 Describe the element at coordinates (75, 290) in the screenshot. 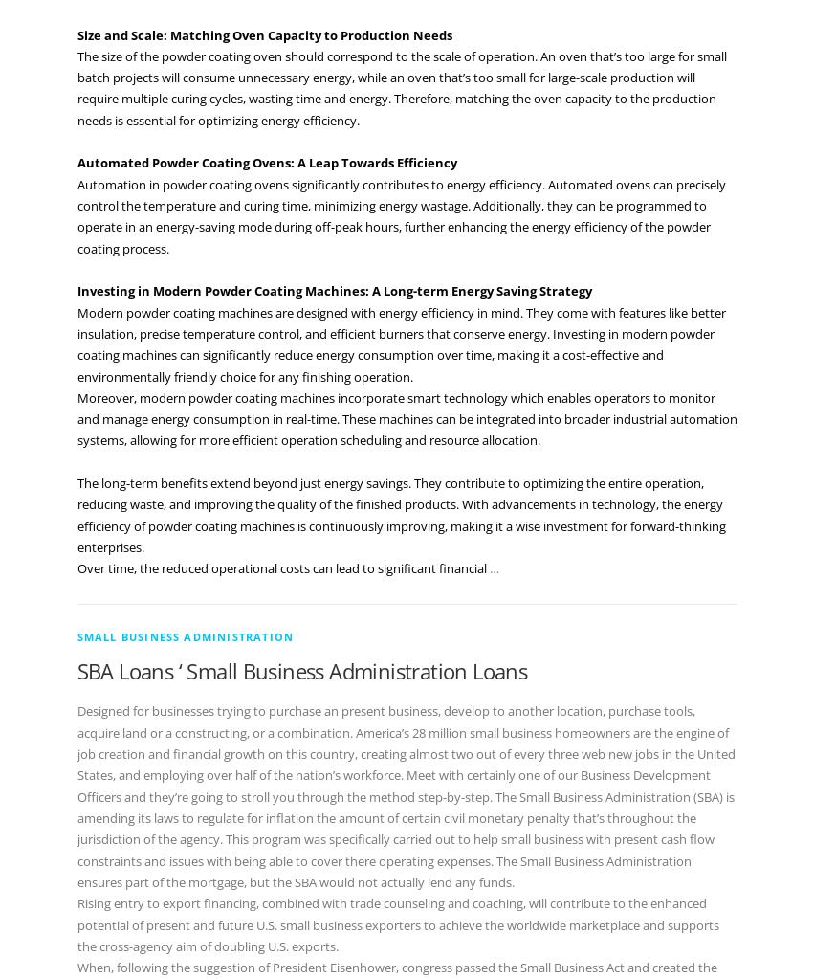

I see `'Investing in Modern Powder Coating Machines: A Long-term Energy Saving Strategy'` at that location.